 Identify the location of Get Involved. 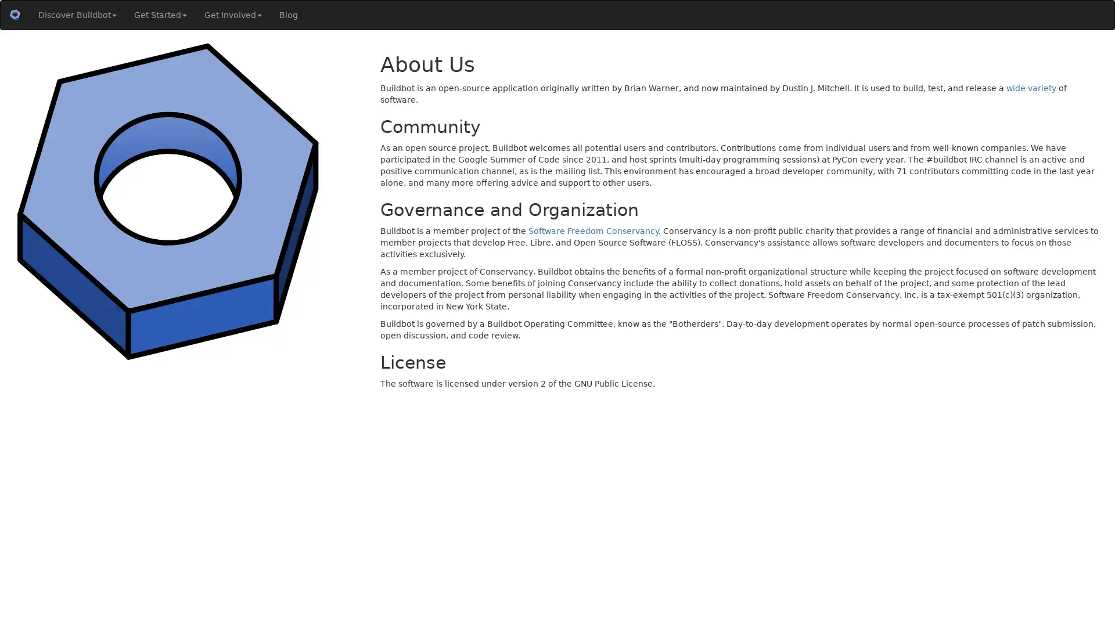
(232, 15).